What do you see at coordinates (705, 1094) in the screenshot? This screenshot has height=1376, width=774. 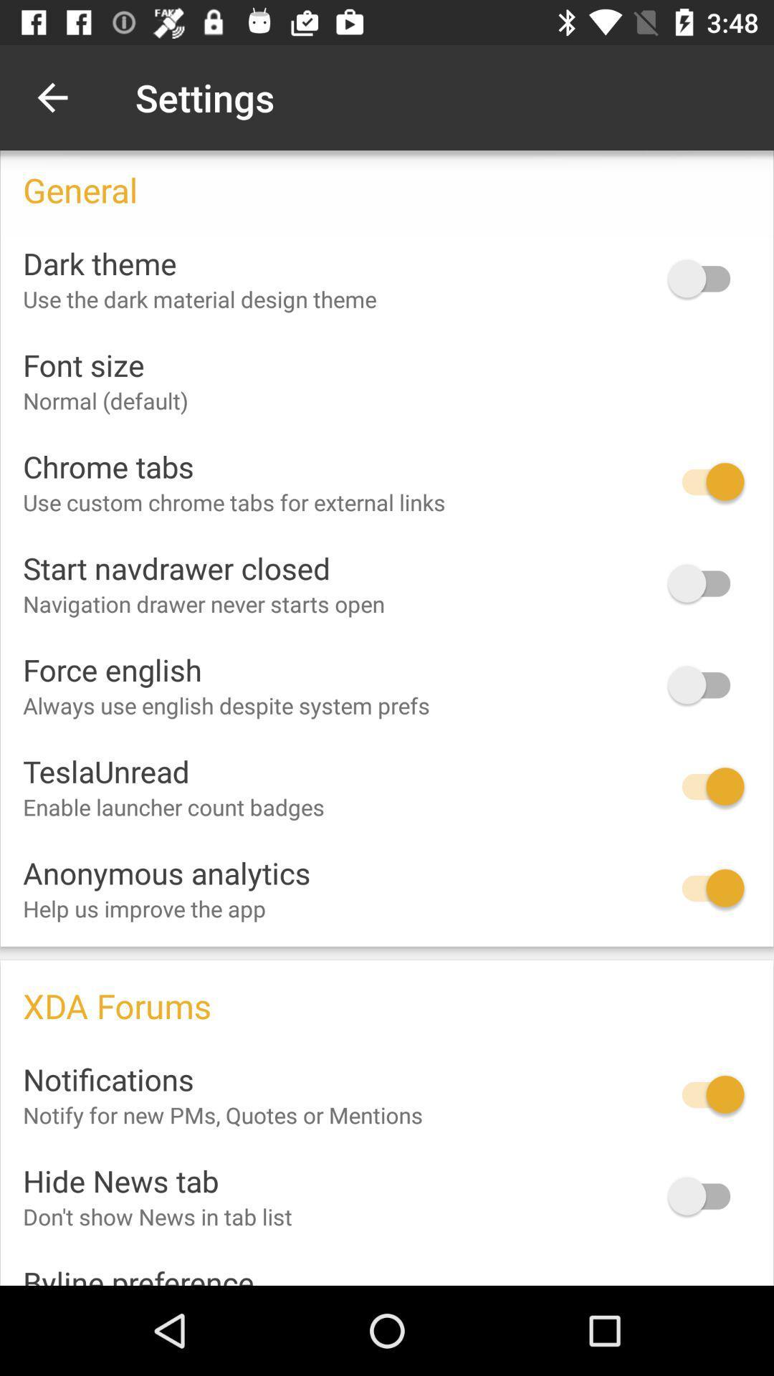 I see `notifications` at bounding box center [705, 1094].